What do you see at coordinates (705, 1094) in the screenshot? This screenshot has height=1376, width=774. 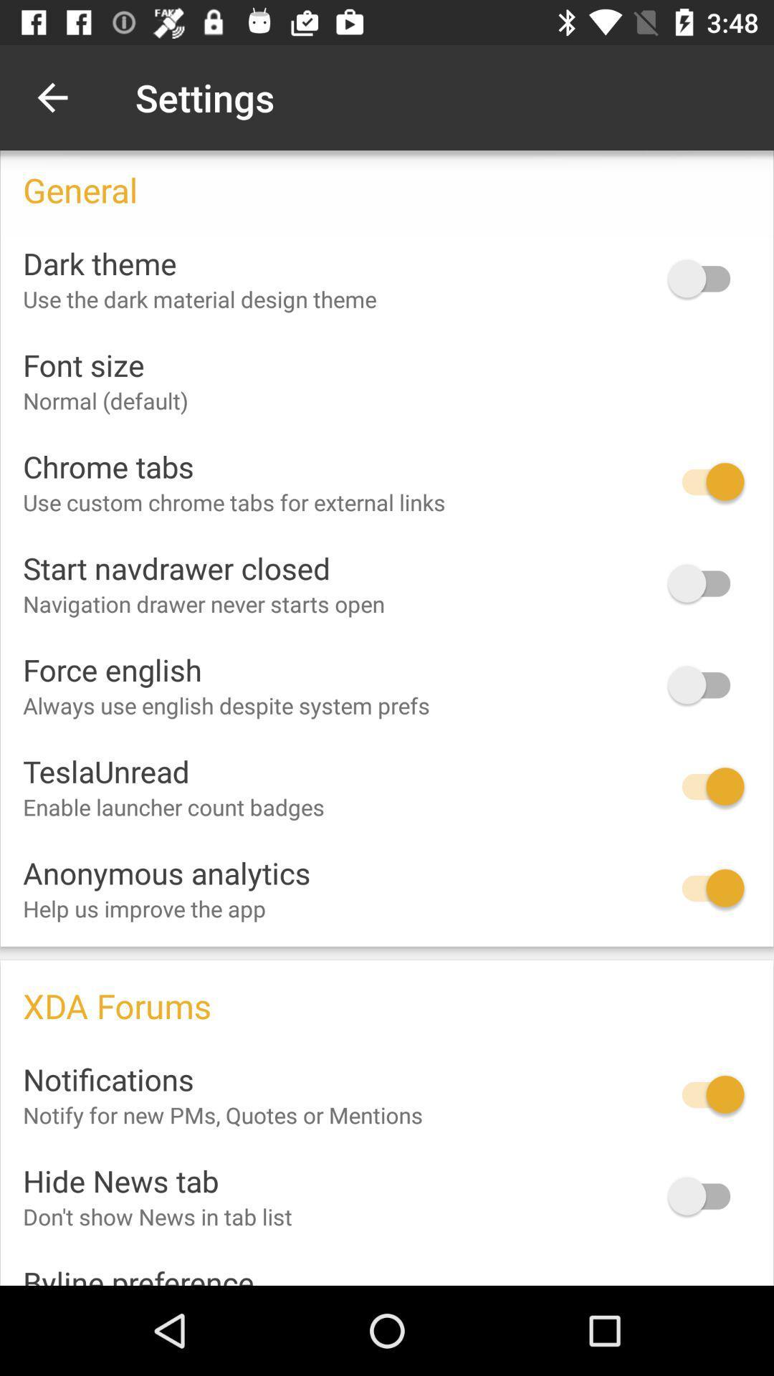 I see `notifications` at bounding box center [705, 1094].